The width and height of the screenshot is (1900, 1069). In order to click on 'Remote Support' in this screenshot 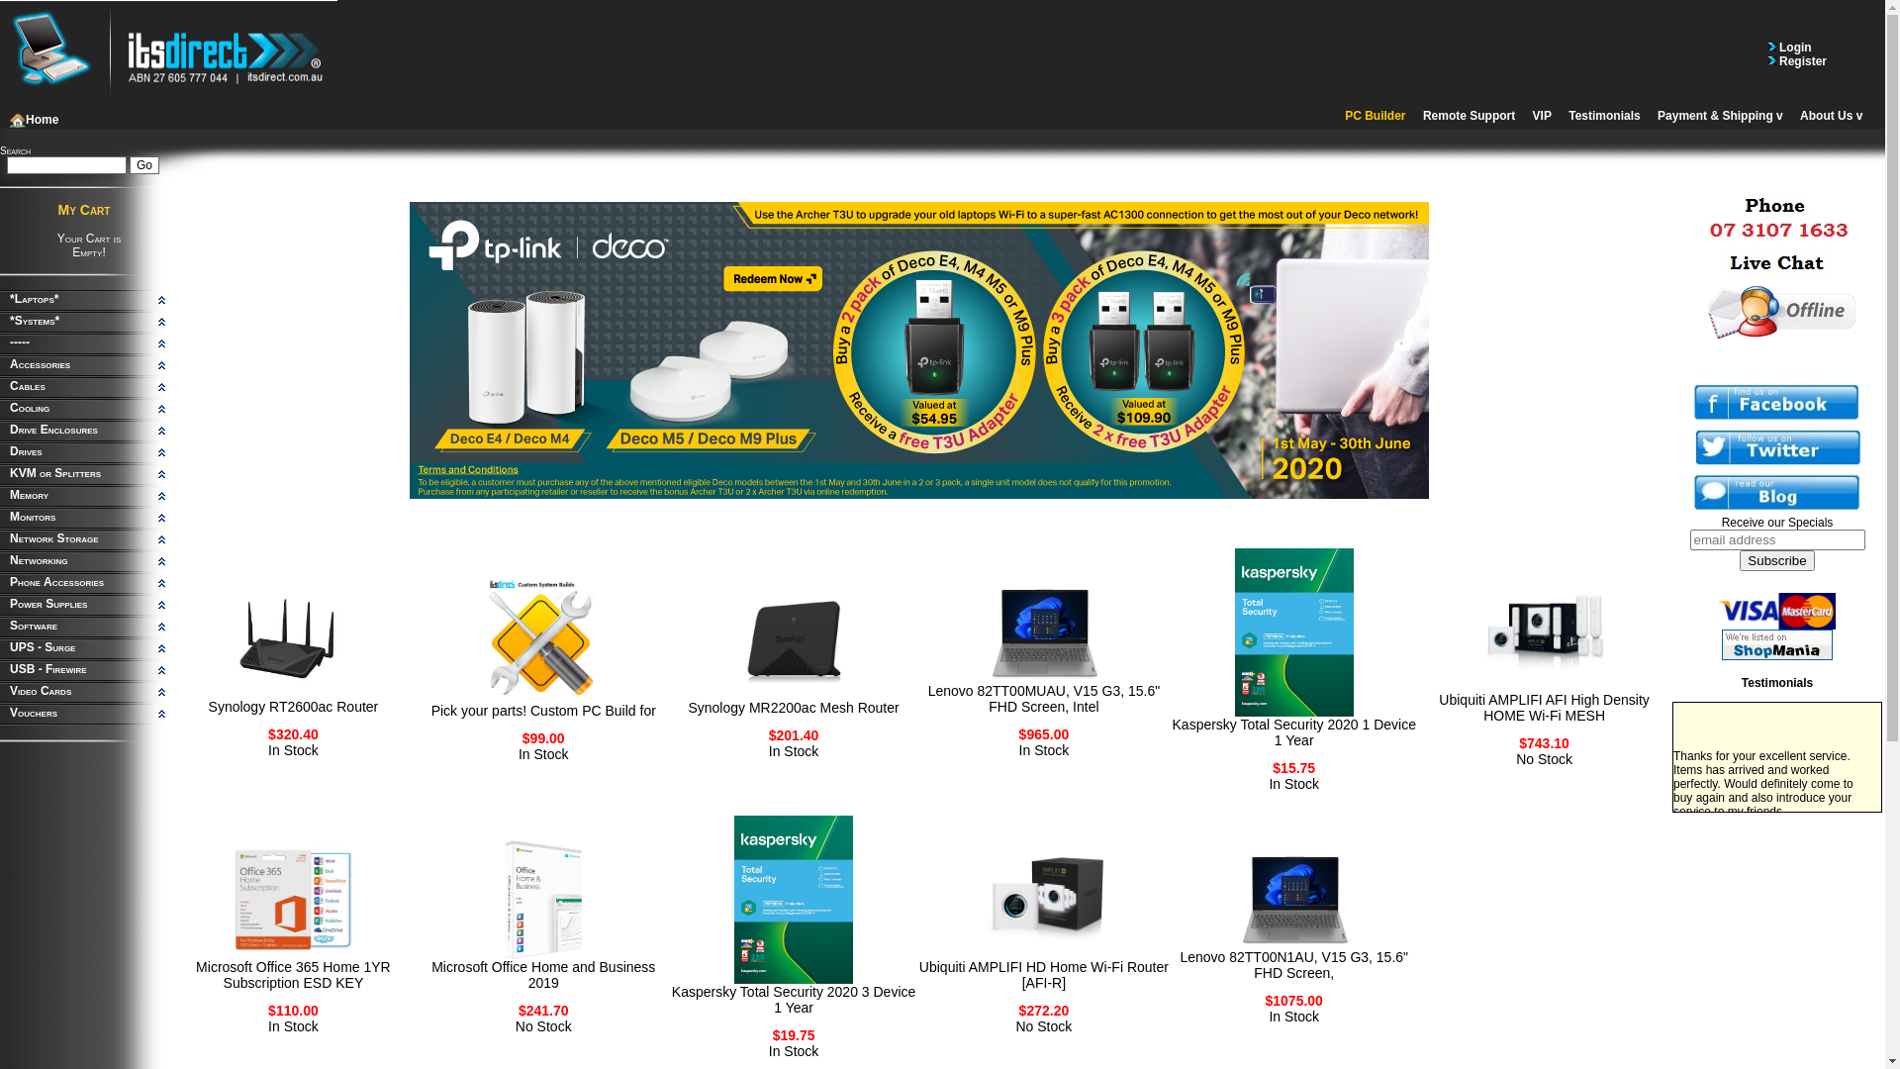, I will do `click(1469, 115)`.